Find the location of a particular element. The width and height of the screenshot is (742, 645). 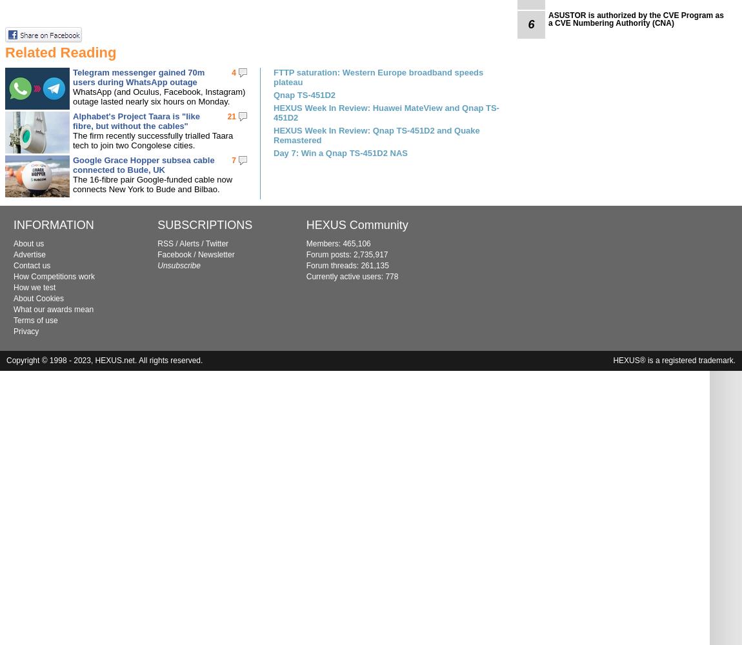

'Members: 465,106' is located at coordinates (338, 244).